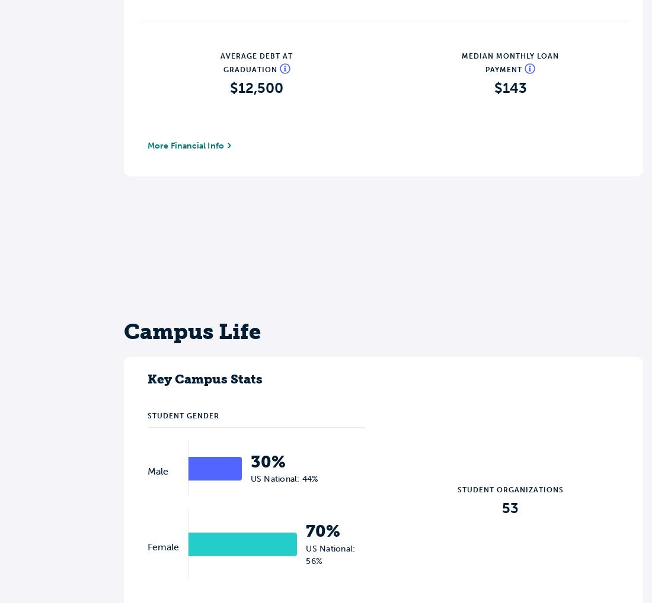 This screenshot has width=652, height=603. Describe the element at coordinates (509, 507) in the screenshot. I see `'53'` at that location.